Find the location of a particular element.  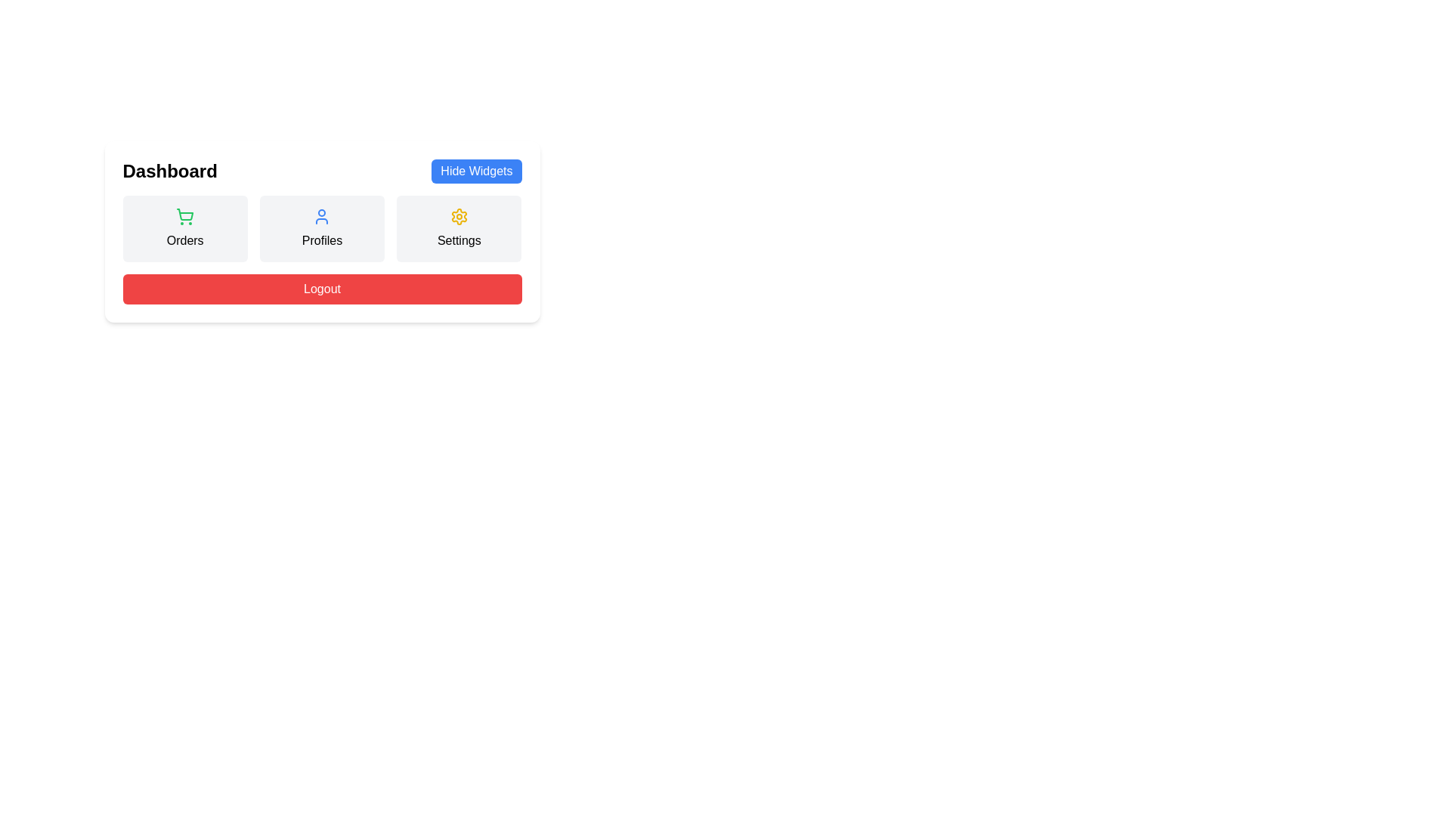

the button located in the top right corner of the section, next to the 'Dashboard' label, to hide visible widgets is located at coordinates (475, 171).